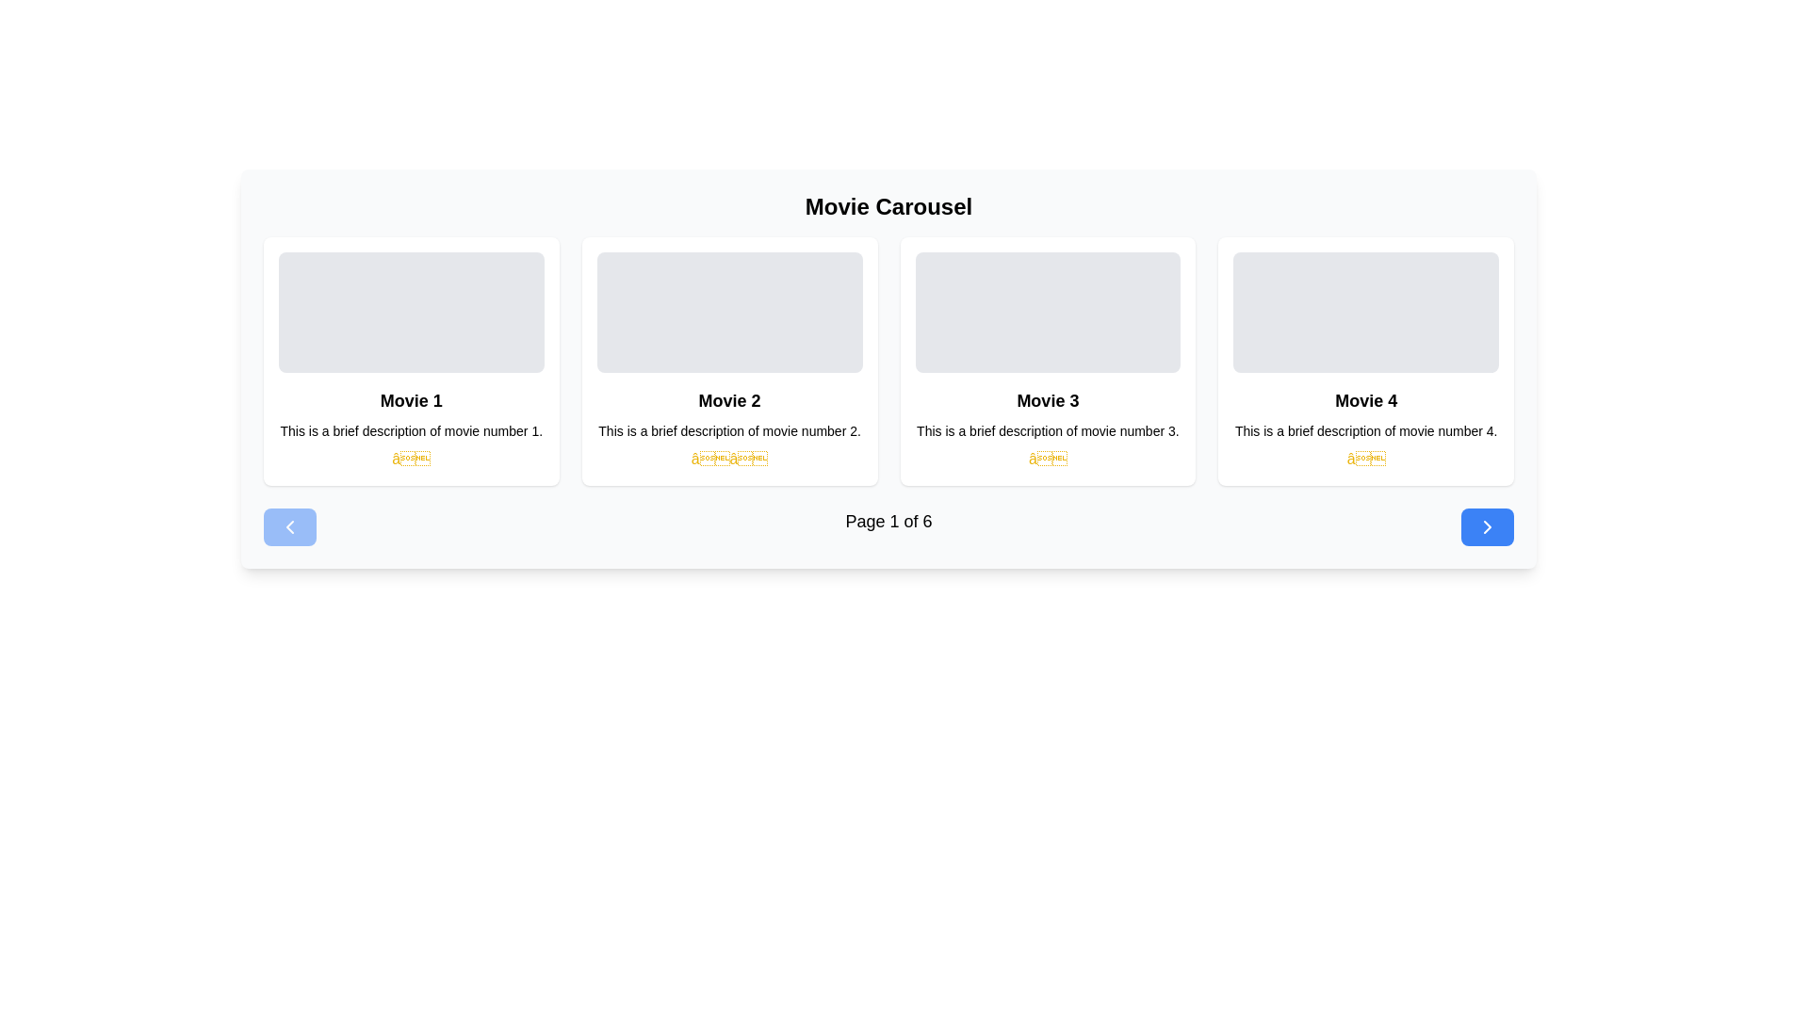 The image size is (1809, 1017). Describe the element at coordinates (748, 459) in the screenshot. I see `the second yellow star in the rating section below the 'Movie 2' card` at that location.